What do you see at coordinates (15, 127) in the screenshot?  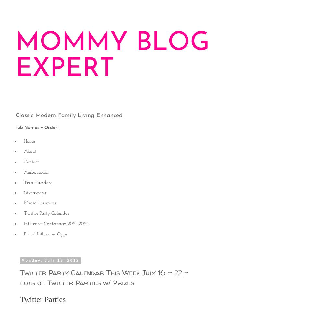 I see `'Tab Names + Order'` at bounding box center [15, 127].